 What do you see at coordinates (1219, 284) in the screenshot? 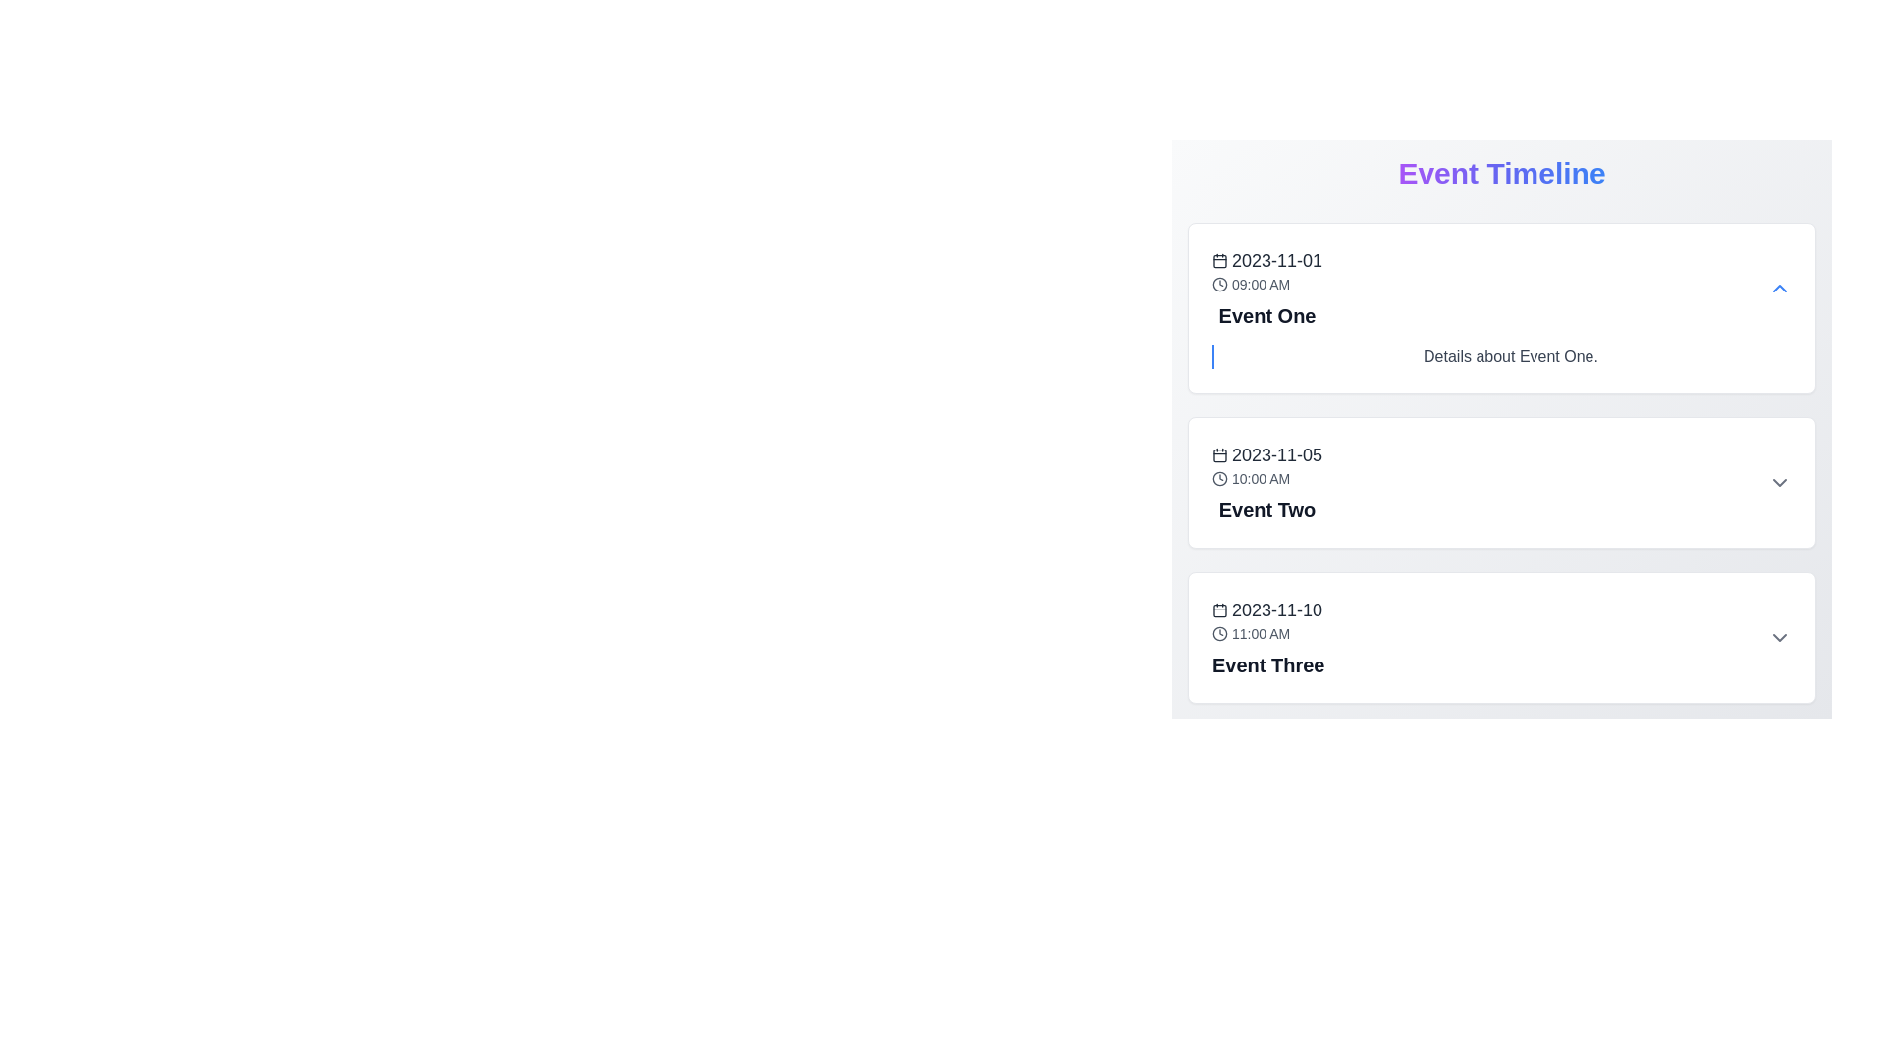
I see `the clock icon located to the left of the '09:00 AM' time display, which is styled with a thin gray outline and clock hands` at bounding box center [1219, 284].